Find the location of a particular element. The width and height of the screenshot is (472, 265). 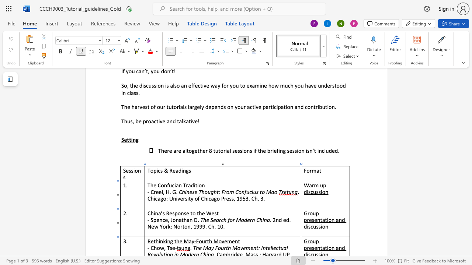

the space between the continuous character "p" and "e" in the text is located at coordinates (156, 219).